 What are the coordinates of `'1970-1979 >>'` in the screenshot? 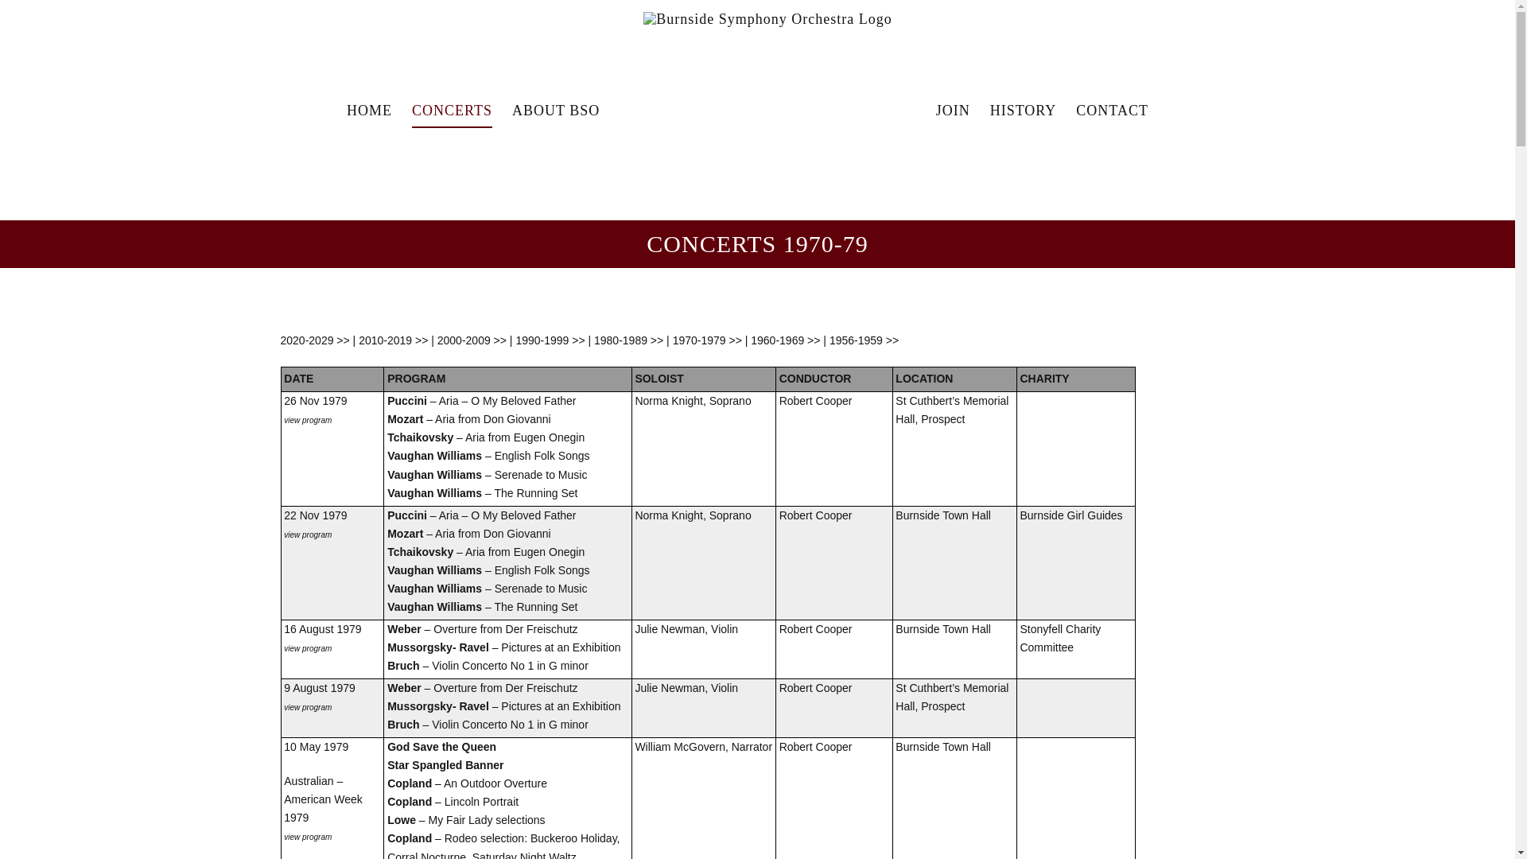 It's located at (706, 340).